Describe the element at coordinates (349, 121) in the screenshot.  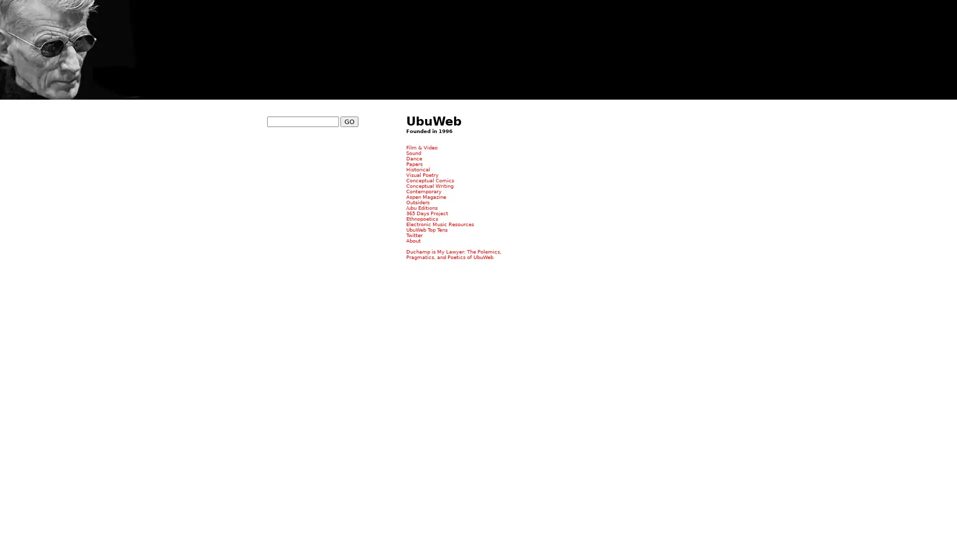
I see `GO` at that location.